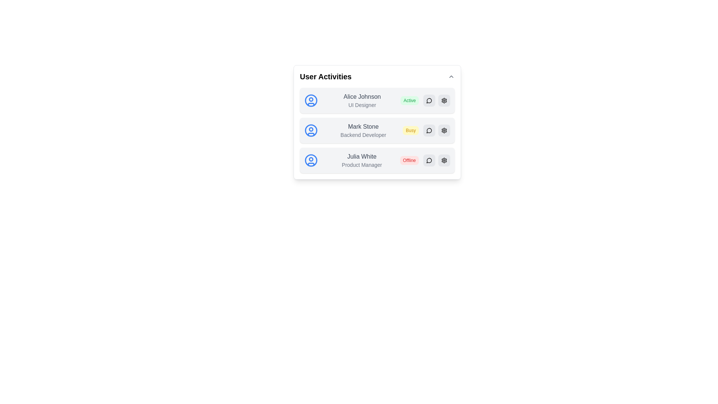 Image resolution: width=718 pixels, height=404 pixels. I want to click on the circular graphical element representing the user avatar of Mark Stone, so click(311, 130).